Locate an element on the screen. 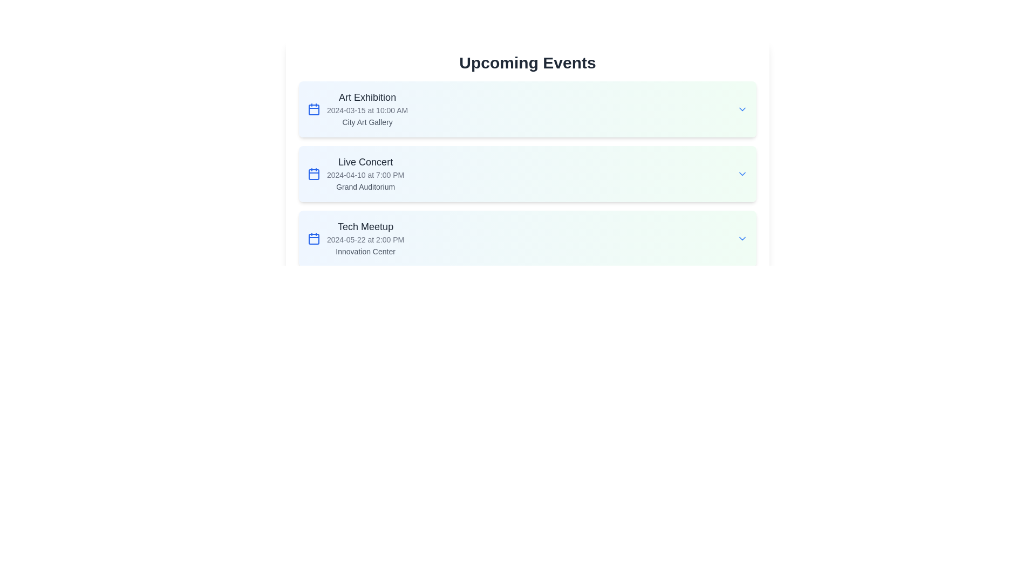 The image size is (1036, 582). the static text label indicating the location of the 'Art Exhibition', which is the third line on the event card in the 'Upcoming Events' list is located at coordinates (367, 122).